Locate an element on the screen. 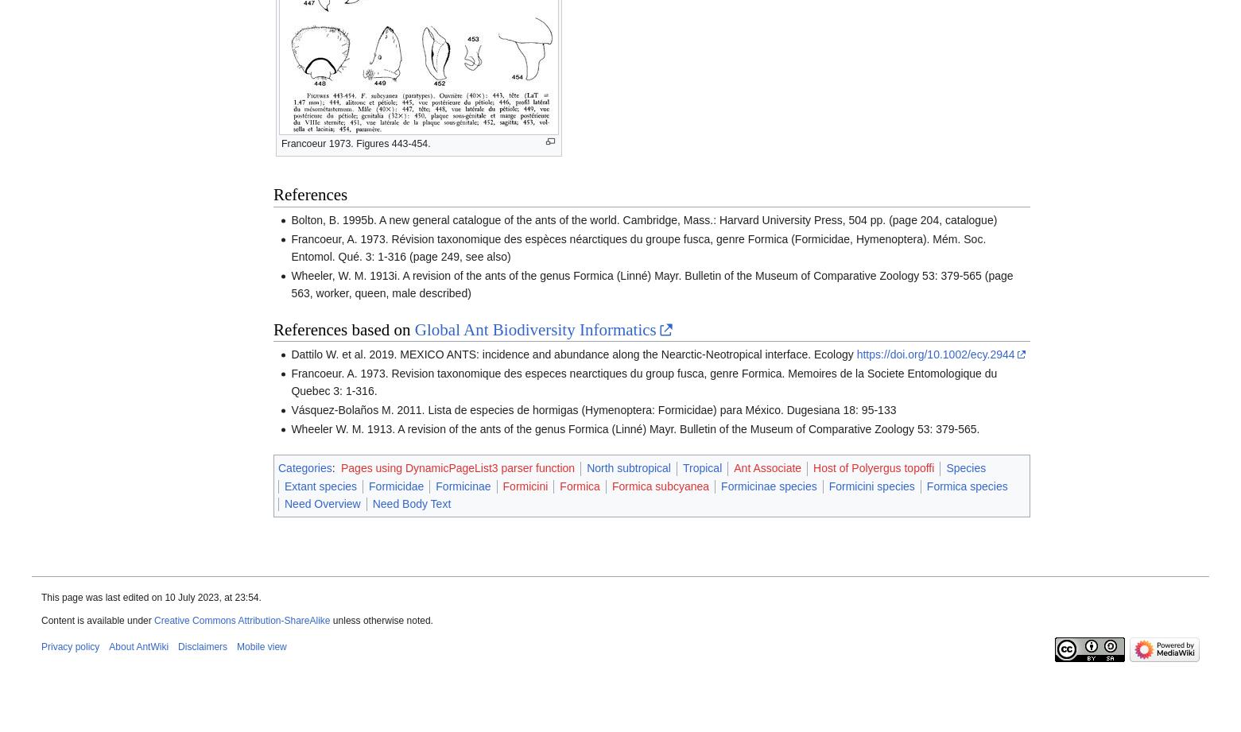 This screenshot has width=1241, height=732. 'Creative Commons Attribution-ShareAlike' is located at coordinates (242, 620).